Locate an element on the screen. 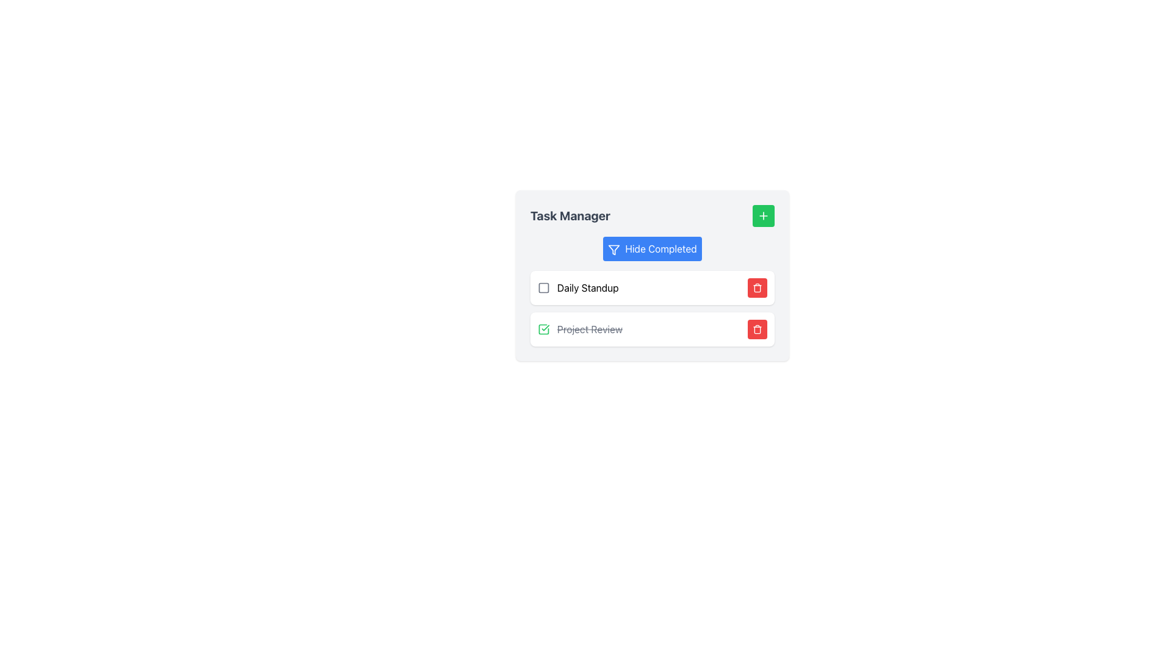 The image size is (1172, 659). the small, square icon with a two-pixel rounded corner radius that serves as an identifier for the task item titled 'Daily Standup' is located at coordinates (543, 287).